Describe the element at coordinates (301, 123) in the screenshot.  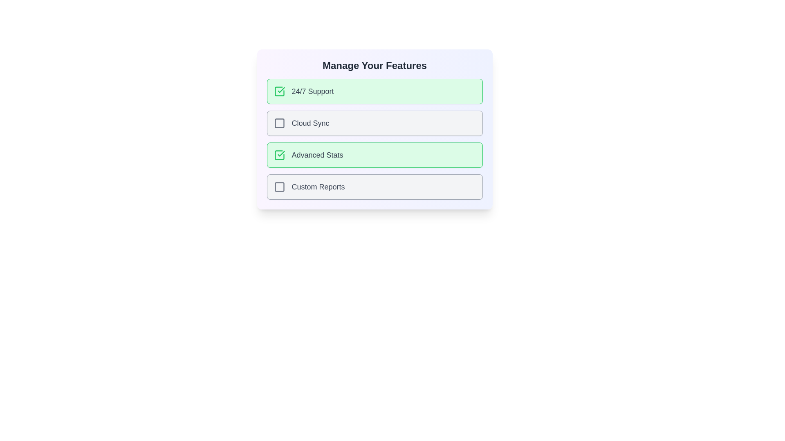
I see `text label 'Cloud Sync' associated with the checkbox located to the right of an unselected checkbox, positioned in the second slot of a vertically stacked list` at that location.